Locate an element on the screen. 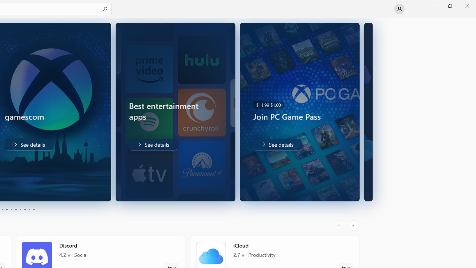 Image resolution: width=476 pixels, height=268 pixels. 'Page 6' is located at coordinates (16, 210).